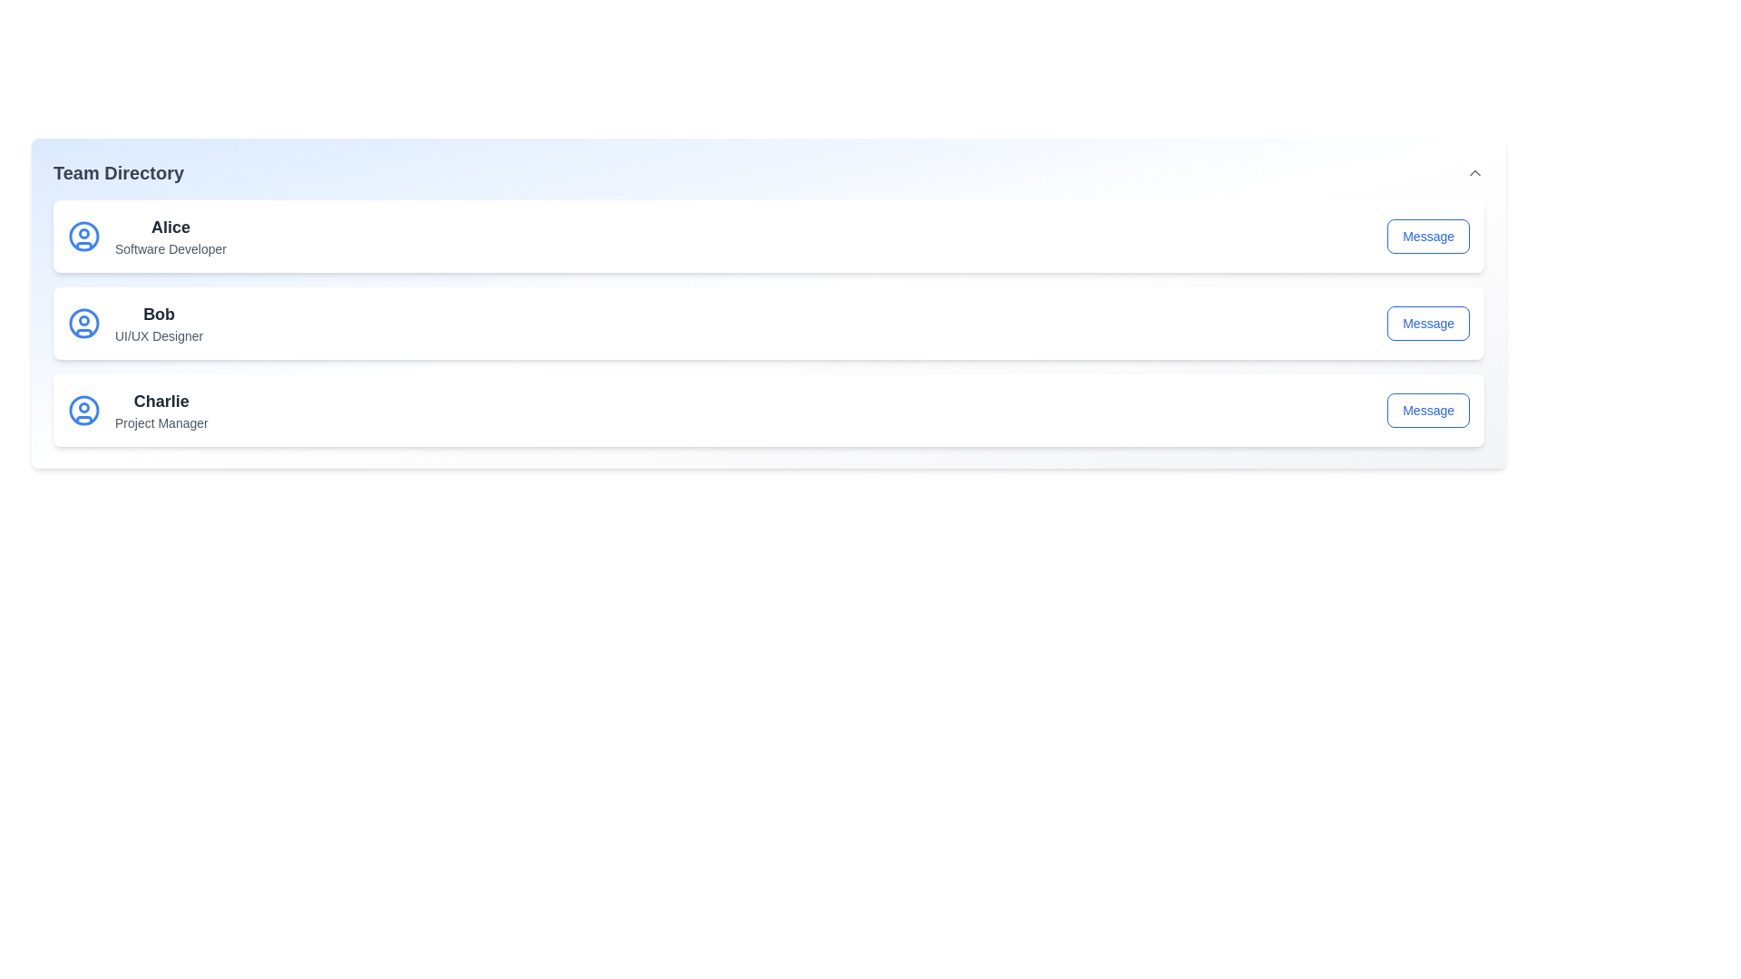 This screenshot has height=979, width=1741. I want to click on the circular icon with a blue outline that features a stylized user silhouette, located to the left of the label 'Charlie Project Manager', so click(83, 410).